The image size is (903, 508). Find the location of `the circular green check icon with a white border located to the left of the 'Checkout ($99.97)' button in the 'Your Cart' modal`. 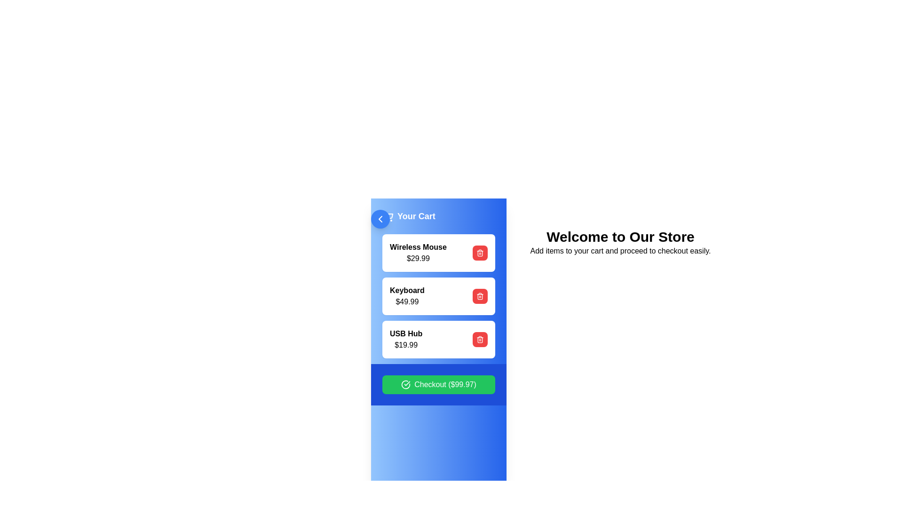

the circular green check icon with a white border located to the left of the 'Checkout ($99.97)' button in the 'Your Cart' modal is located at coordinates (406, 384).